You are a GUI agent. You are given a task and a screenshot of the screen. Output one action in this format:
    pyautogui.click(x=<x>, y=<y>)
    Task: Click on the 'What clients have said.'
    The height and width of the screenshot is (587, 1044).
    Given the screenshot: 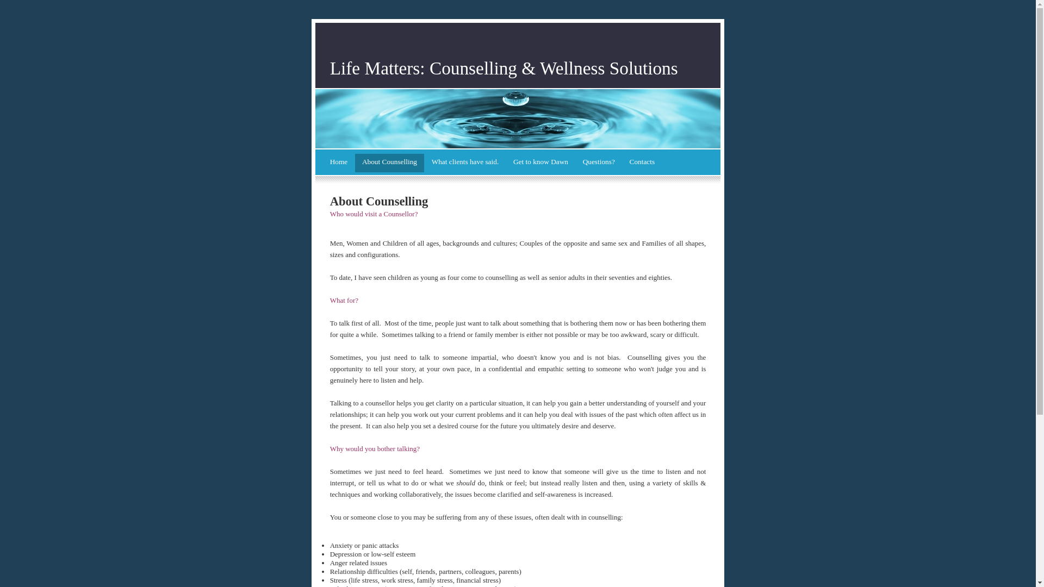 What is the action you would take?
    pyautogui.click(x=423, y=163)
    